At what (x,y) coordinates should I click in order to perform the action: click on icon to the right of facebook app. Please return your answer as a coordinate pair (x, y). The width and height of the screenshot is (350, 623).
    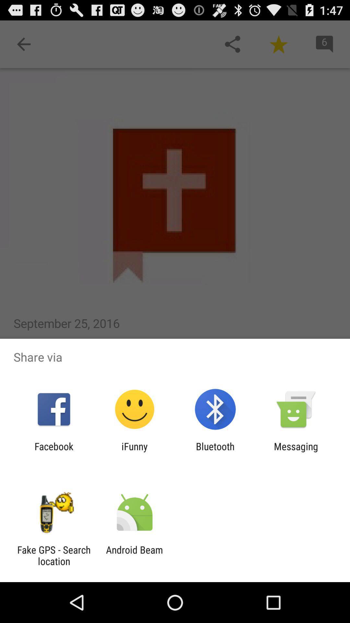
    Looking at the image, I should click on (134, 452).